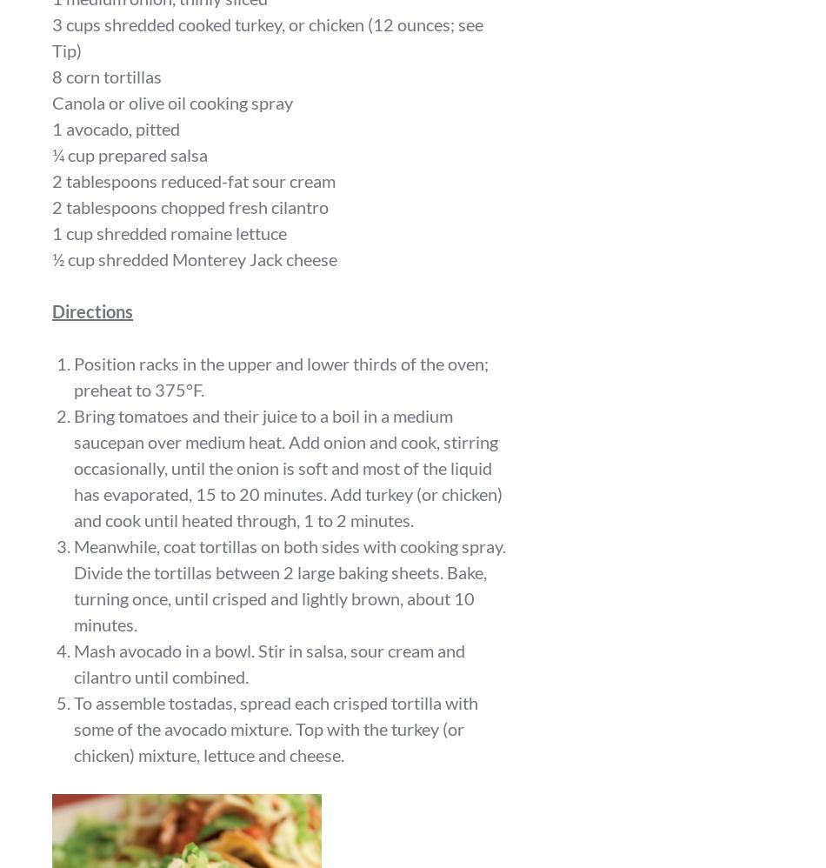 The image size is (826, 868). I want to click on 'Mash avocado in a bowl. Stir in salsa, sour cream and cilantro until combined.', so click(268, 661).